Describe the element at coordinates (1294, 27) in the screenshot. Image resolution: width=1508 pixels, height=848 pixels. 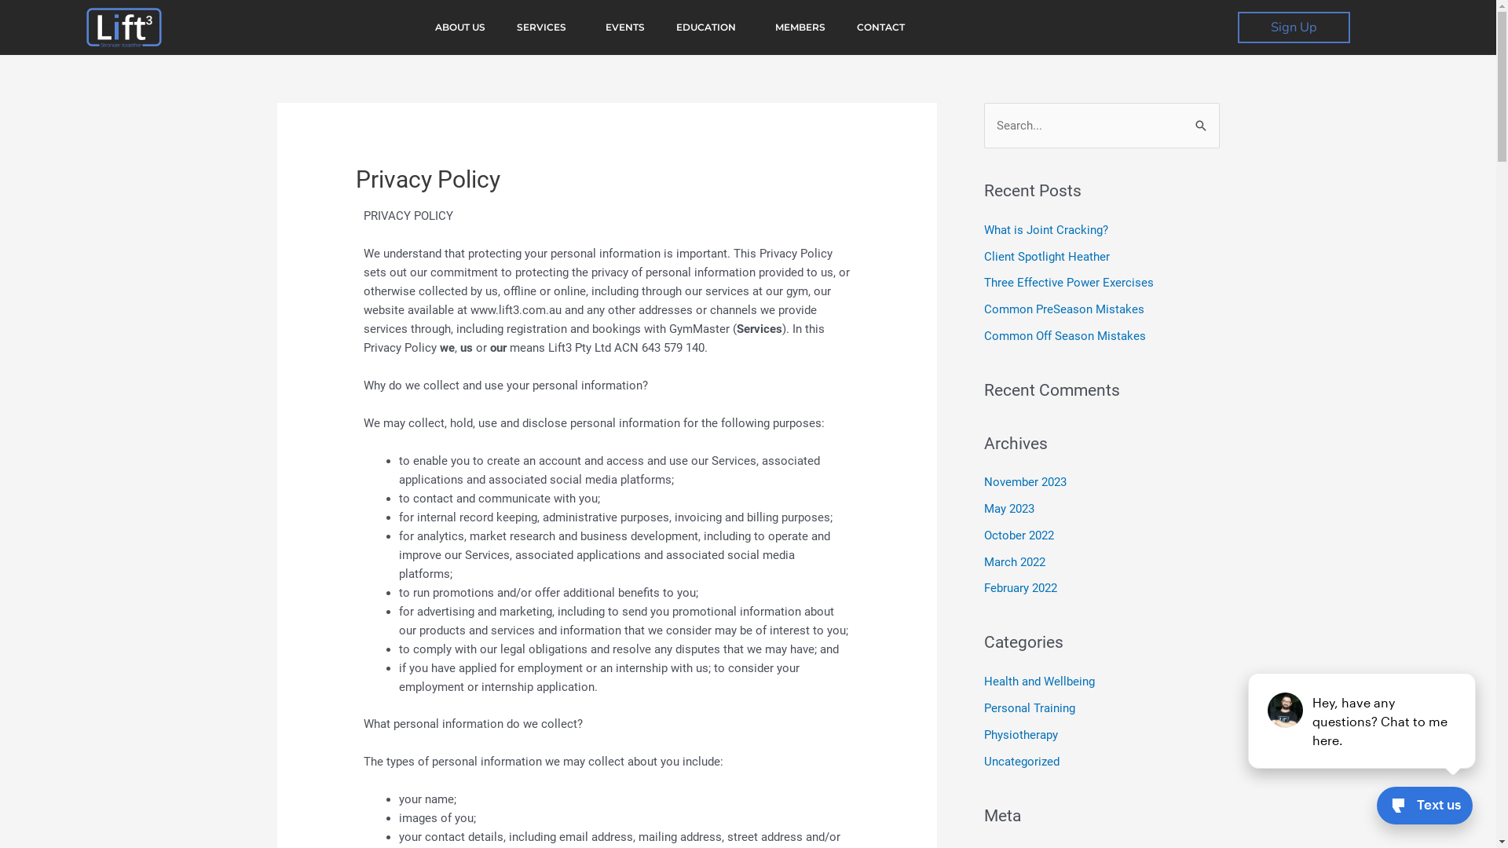
I see `'Sign Up'` at that location.